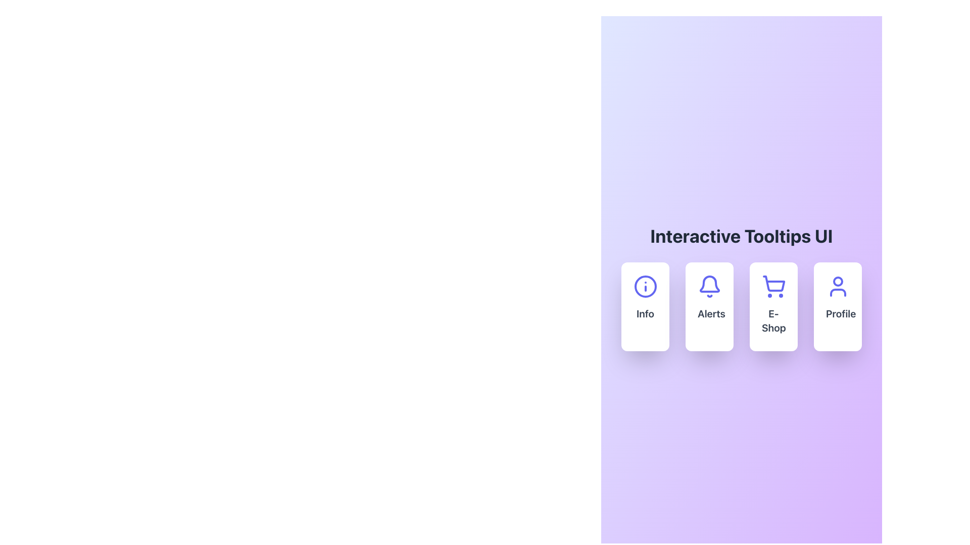 The image size is (970, 545). Describe the element at coordinates (773, 284) in the screenshot. I see `the graphical shopping cart icon, which is the third icon from the left in the horizontal icon set, situated between the 'Alerts' and 'Profile' icons, and is colored in vibrant indigo` at that location.